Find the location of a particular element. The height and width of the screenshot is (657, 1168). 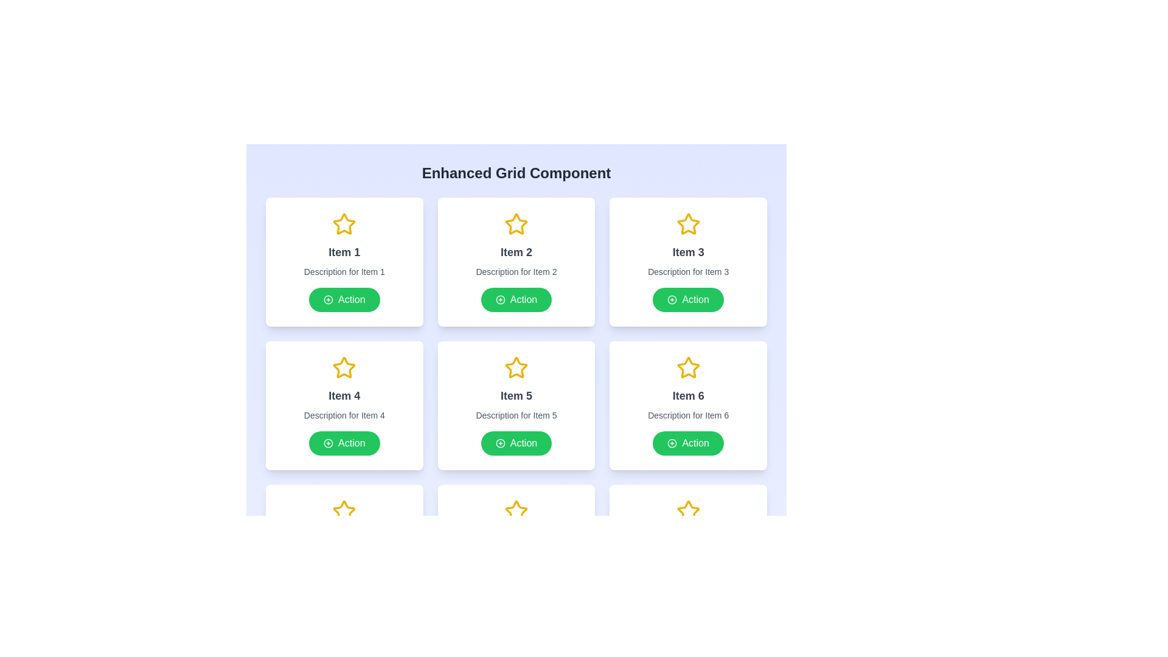

the static text element labeled 'Item 4' which is styled in bold dark gray and located in the second row, first column card of the grid layout is located at coordinates (344, 396).